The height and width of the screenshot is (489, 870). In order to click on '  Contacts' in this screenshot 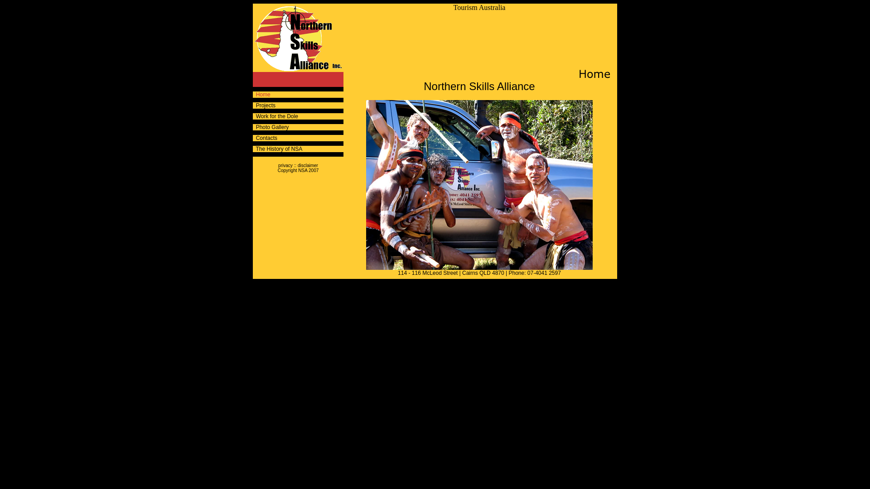, I will do `click(265, 138)`.